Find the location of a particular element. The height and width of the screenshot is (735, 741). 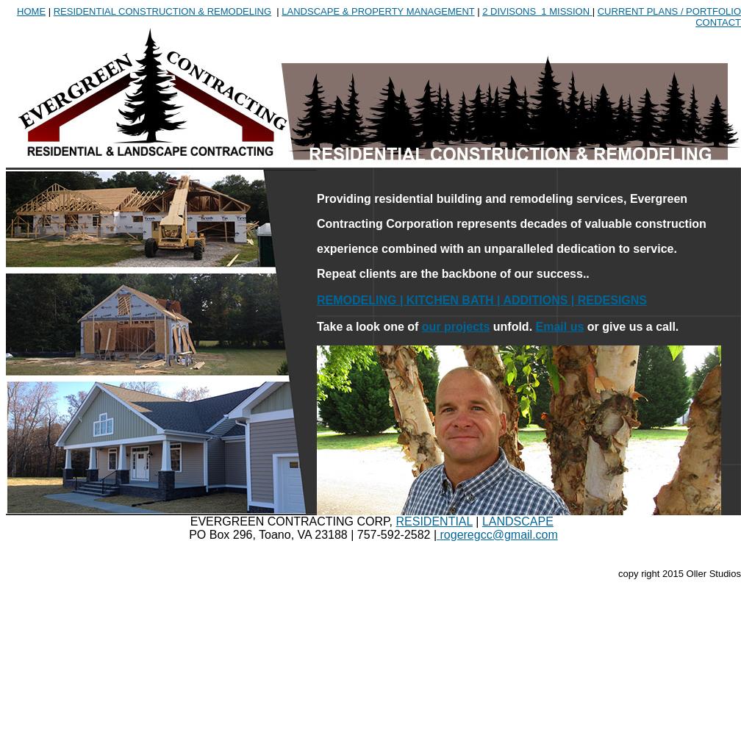

'represents decades of valuable construction' is located at coordinates (581, 223).